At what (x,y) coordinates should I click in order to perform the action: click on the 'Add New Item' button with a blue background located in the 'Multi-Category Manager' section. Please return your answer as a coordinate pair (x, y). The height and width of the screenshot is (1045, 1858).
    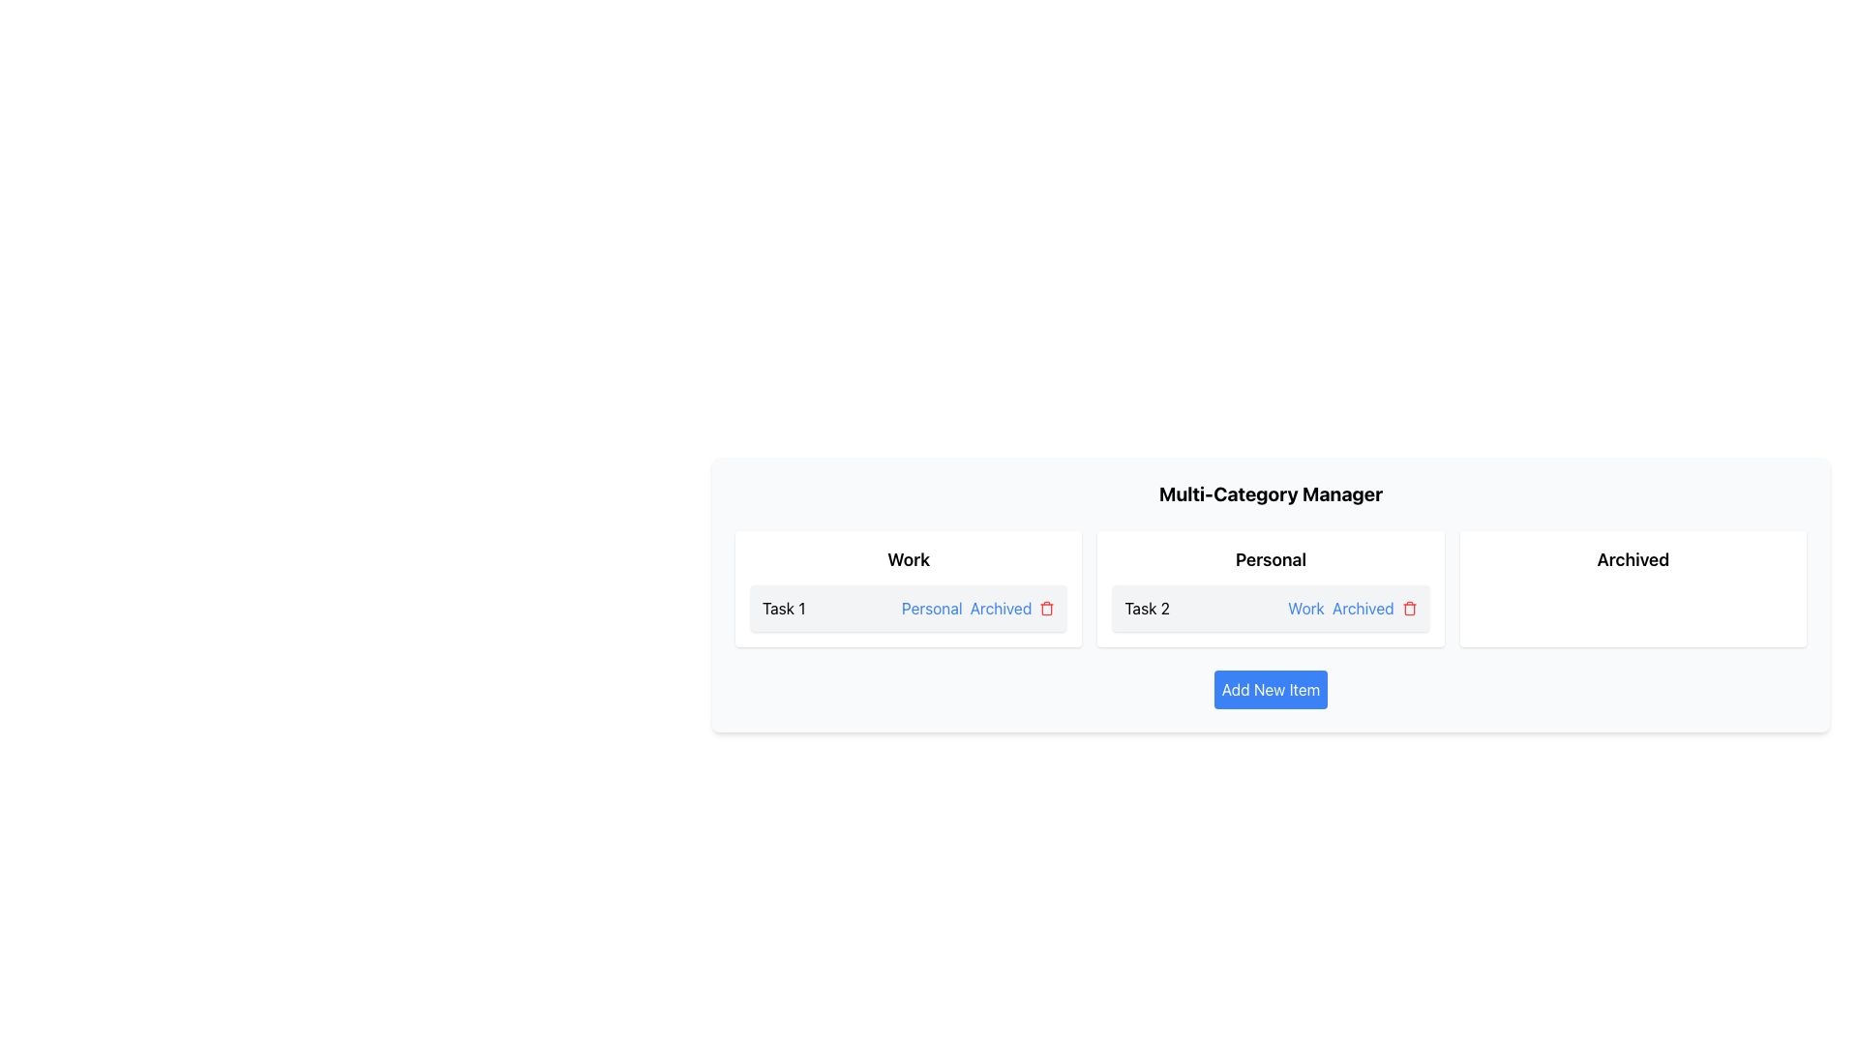
    Looking at the image, I should click on (1271, 689).